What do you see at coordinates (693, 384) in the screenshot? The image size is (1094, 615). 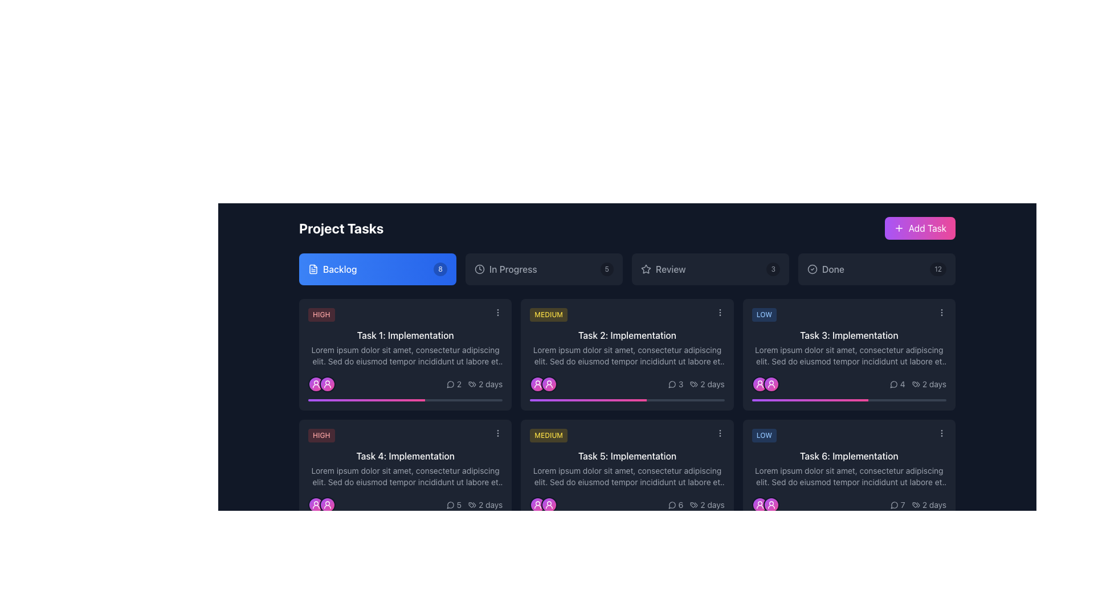 I see `the visual representation of the small tag-shaped icon located to the left of the text '2 days' in the bottom right corner of the task card` at bounding box center [693, 384].